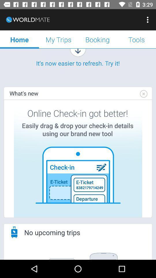 The image size is (156, 278). Describe the element at coordinates (58, 39) in the screenshot. I see `the my trips` at that location.